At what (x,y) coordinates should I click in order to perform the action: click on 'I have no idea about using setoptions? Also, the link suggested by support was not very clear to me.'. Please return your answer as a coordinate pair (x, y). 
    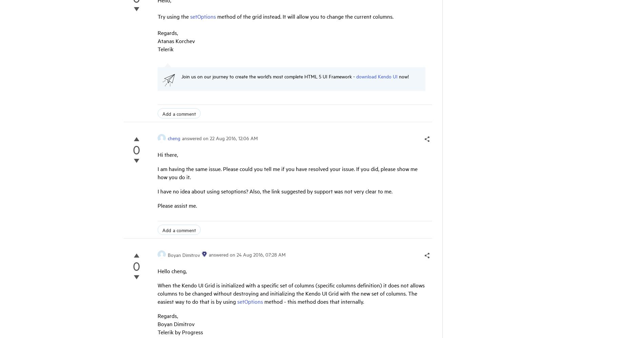
    Looking at the image, I should click on (157, 191).